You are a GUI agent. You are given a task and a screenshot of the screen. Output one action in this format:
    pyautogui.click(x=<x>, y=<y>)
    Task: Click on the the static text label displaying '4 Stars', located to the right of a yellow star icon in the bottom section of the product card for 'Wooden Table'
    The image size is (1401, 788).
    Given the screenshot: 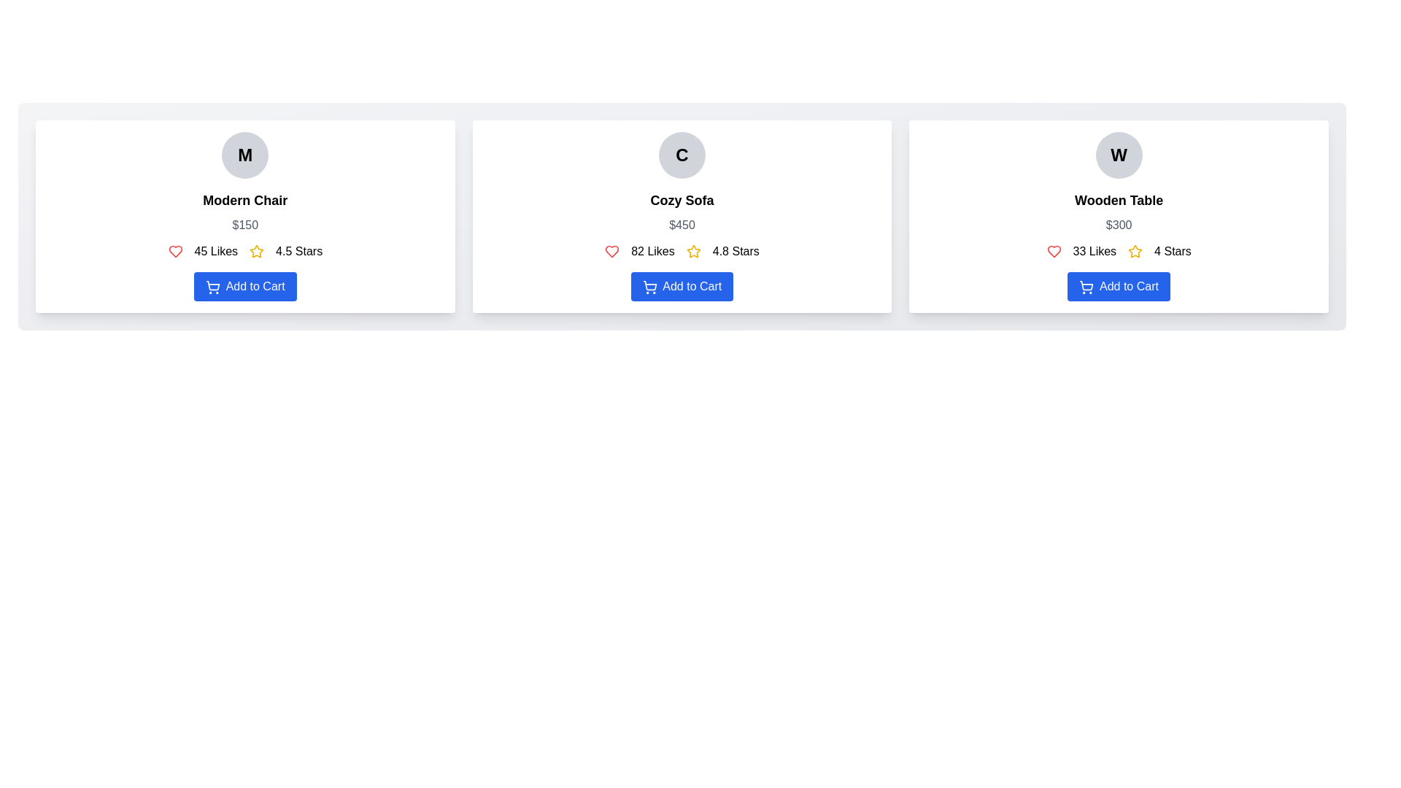 What is the action you would take?
    pyautogui.click(x=1173, y=250)
    